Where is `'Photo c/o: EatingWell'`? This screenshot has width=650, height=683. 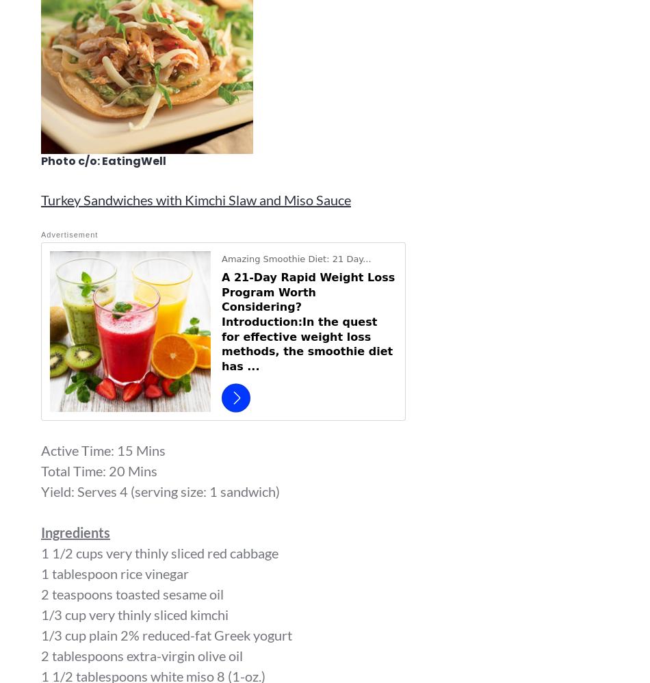
'Photo c/o: EatingWell' is located at coordinates (105, 160).